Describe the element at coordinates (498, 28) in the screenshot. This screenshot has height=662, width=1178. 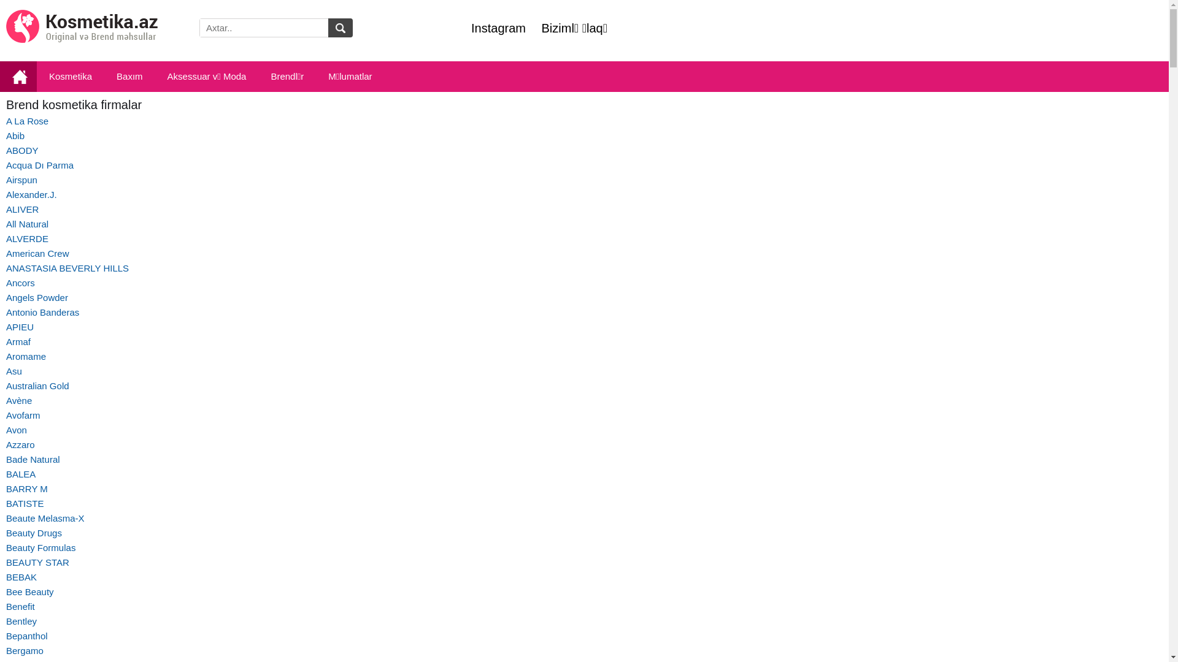
I see `'Instagram'` at that location.